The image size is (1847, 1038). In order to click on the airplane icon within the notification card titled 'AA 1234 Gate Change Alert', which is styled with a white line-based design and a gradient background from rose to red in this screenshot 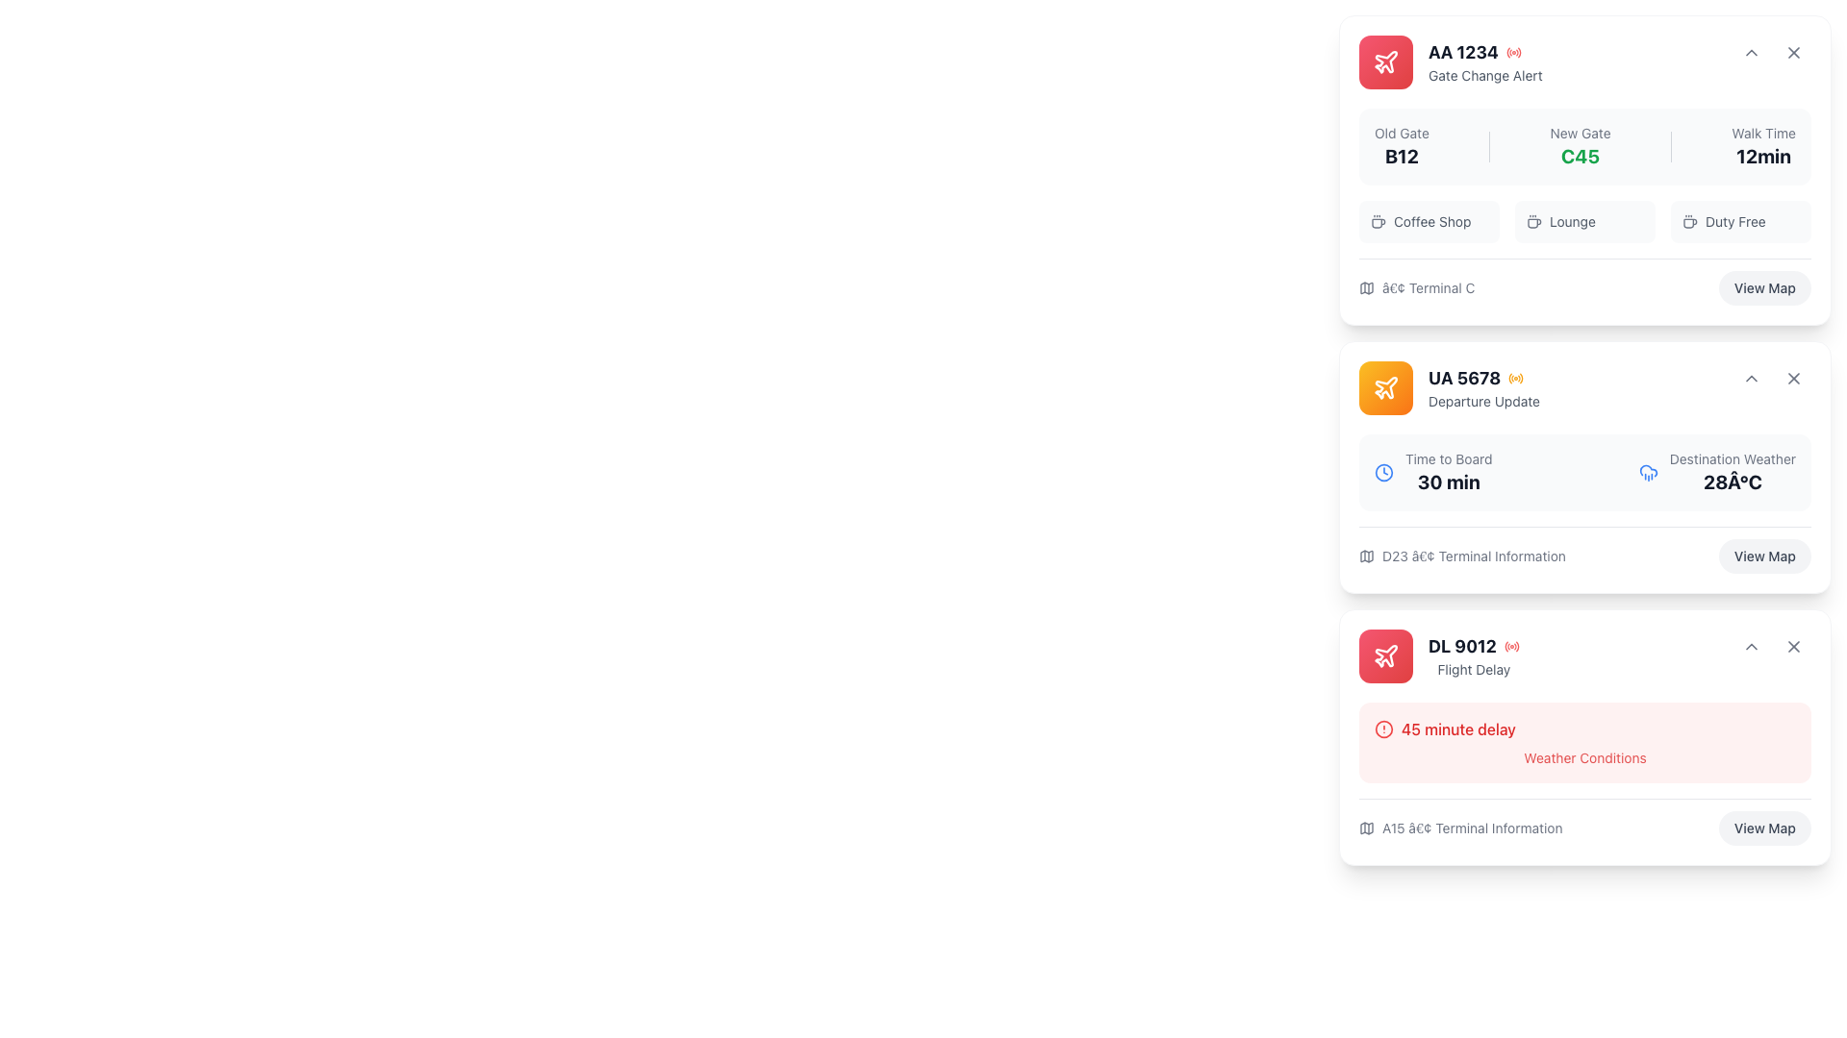, I will do `click(1385, 62)`.